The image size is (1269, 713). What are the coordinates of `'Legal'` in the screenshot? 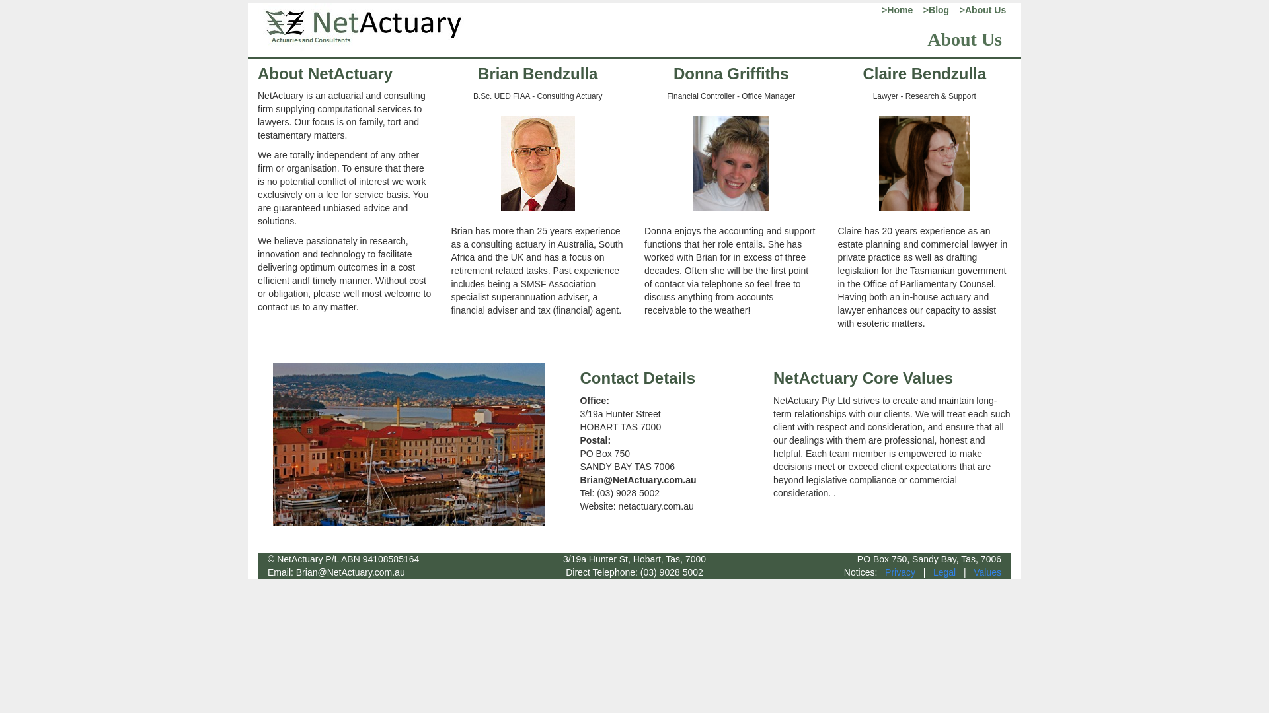 It's located at (944, 572).